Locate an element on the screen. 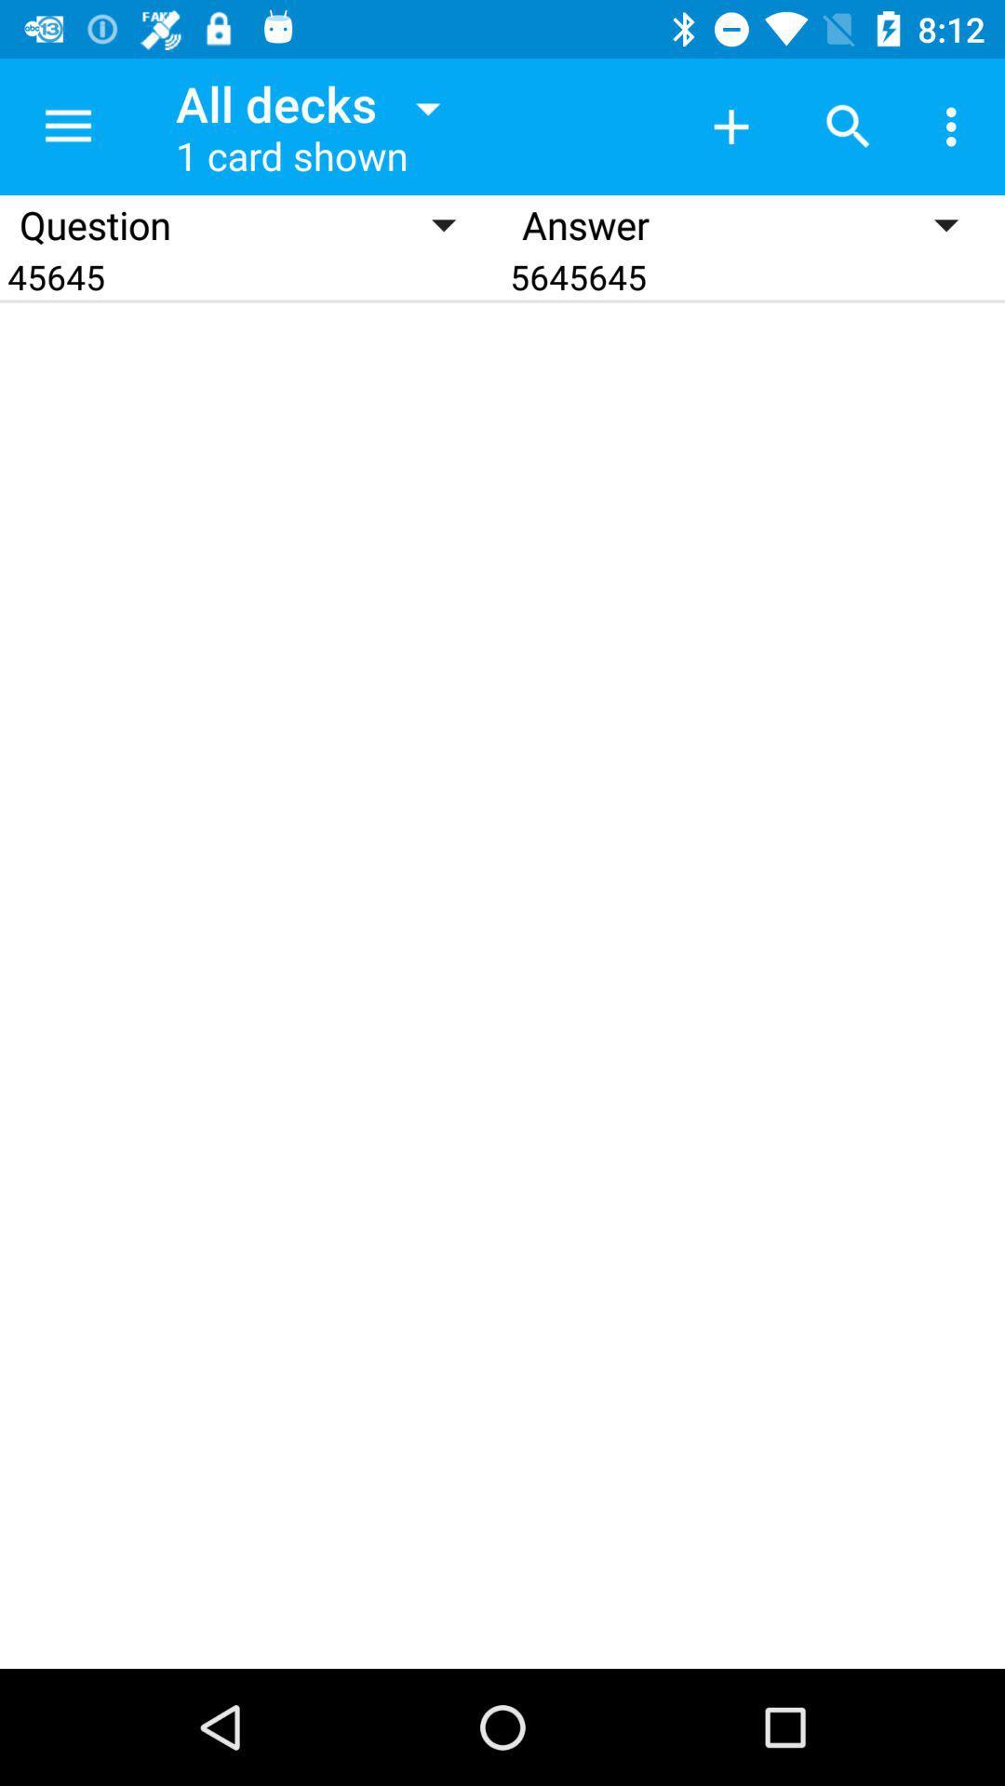 The image size is (1005, 1786). icon next to all decks icon is located at coordinates (730, 126).